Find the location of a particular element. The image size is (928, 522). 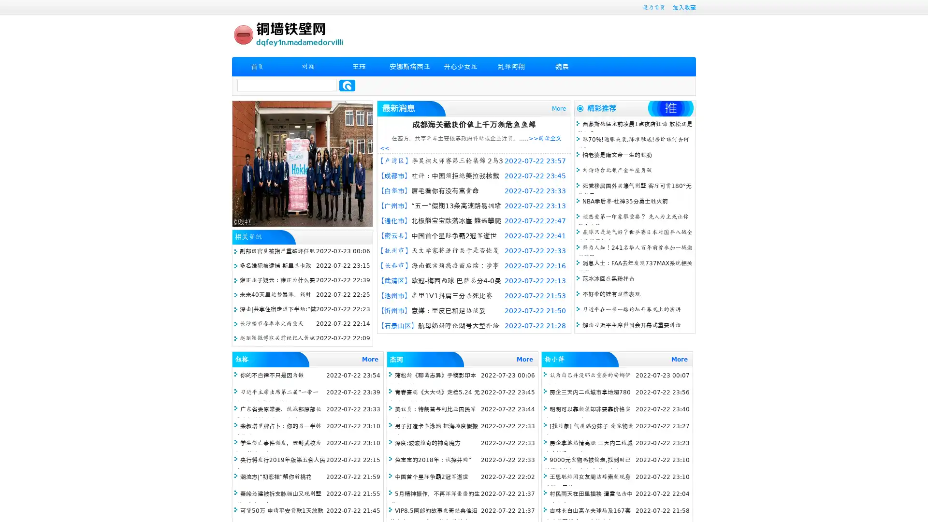

Search is located at coordinates (347, 85).